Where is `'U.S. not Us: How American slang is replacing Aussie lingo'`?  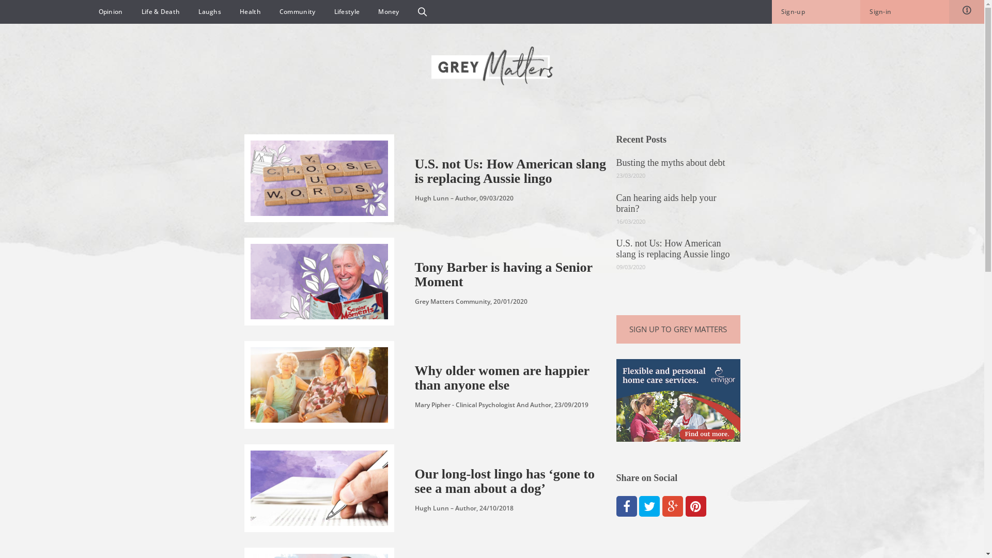
'U.S. not Us: How American slang is replacing Aussie lingo' is located at coordinates (511, 173).